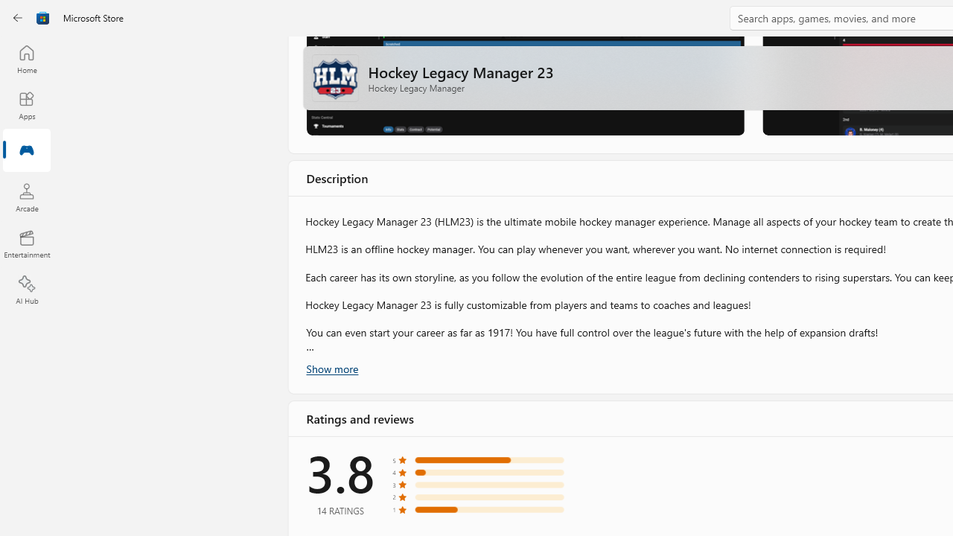 The image size is (953, 536). What do you see at coordinates (26, 151) in the screenshot?
I see `'Gaming'` at bounding box center [26, 151].